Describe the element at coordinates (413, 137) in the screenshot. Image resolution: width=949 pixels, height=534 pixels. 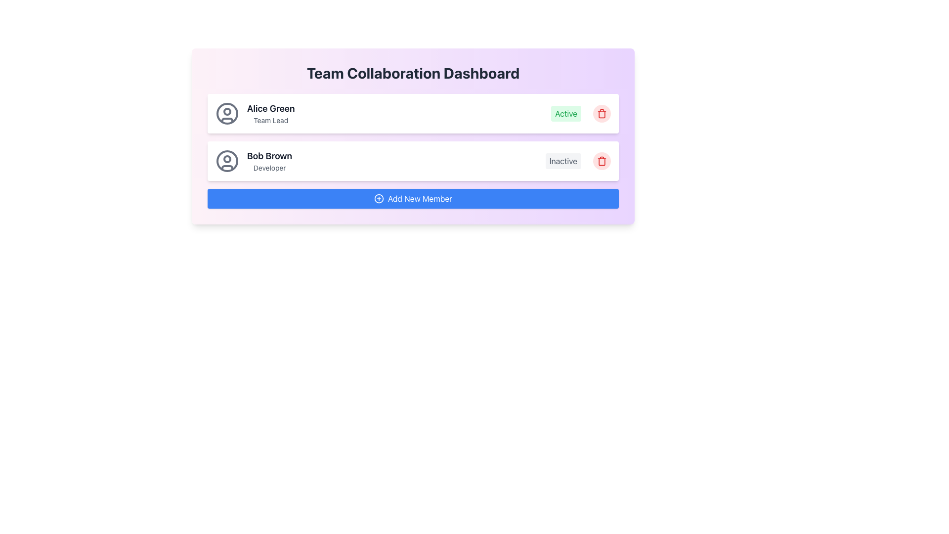
I see `displayed information from the user entry list, specifically from the top item showing 'Alice Green', 'Team Lead', and 'Active' status` at that location.